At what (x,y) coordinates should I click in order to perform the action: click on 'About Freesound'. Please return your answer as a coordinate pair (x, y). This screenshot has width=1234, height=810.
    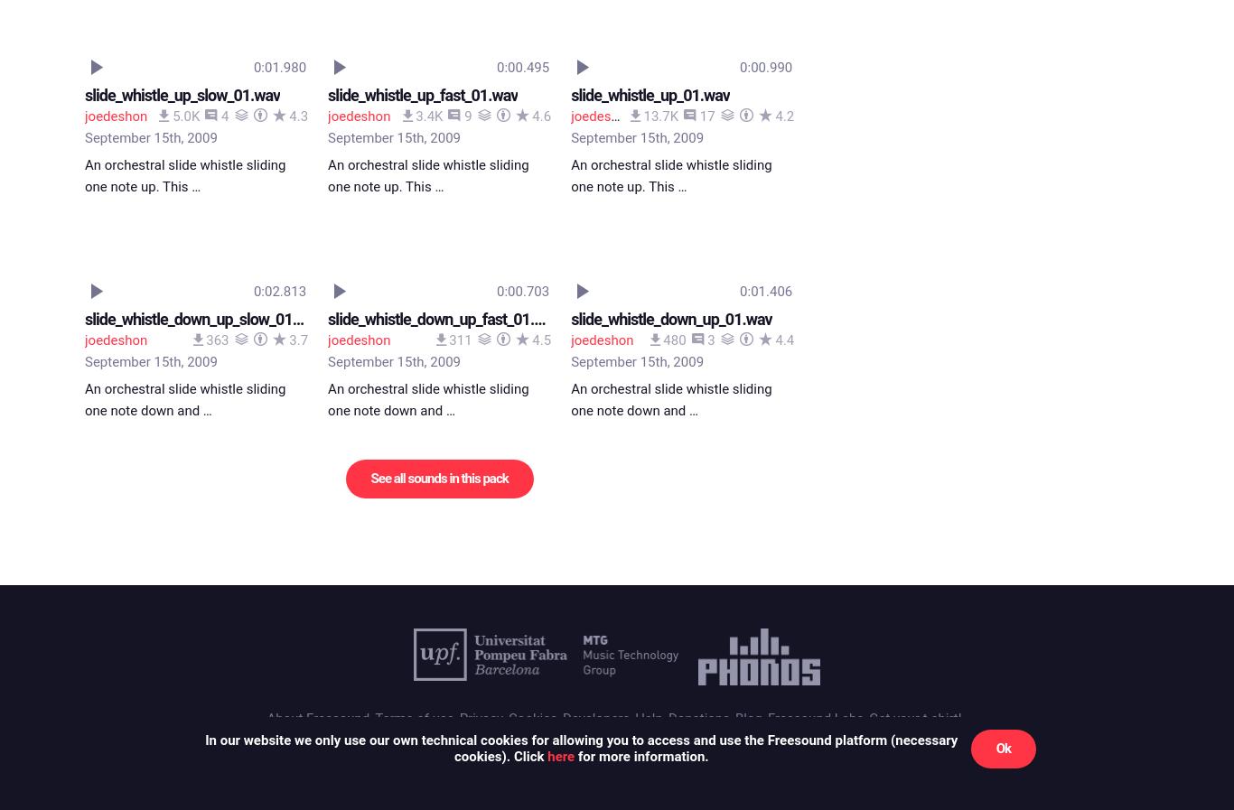
    Looking at the image, I should click on (317, 29).